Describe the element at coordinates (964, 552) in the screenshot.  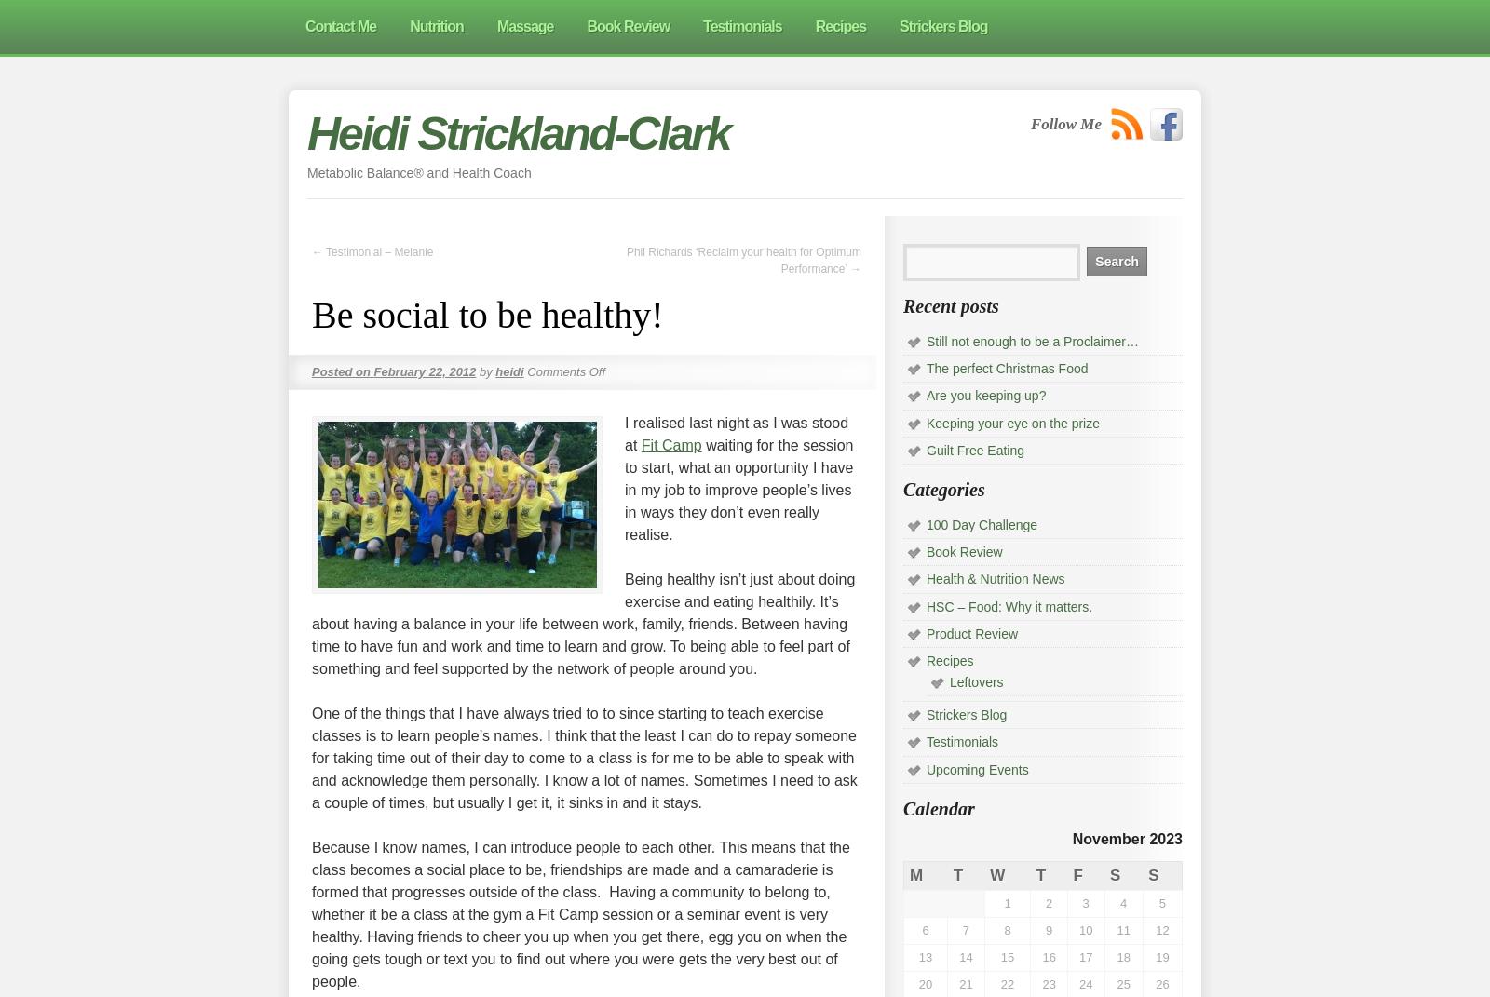
I see `'Book Review'` at that location.